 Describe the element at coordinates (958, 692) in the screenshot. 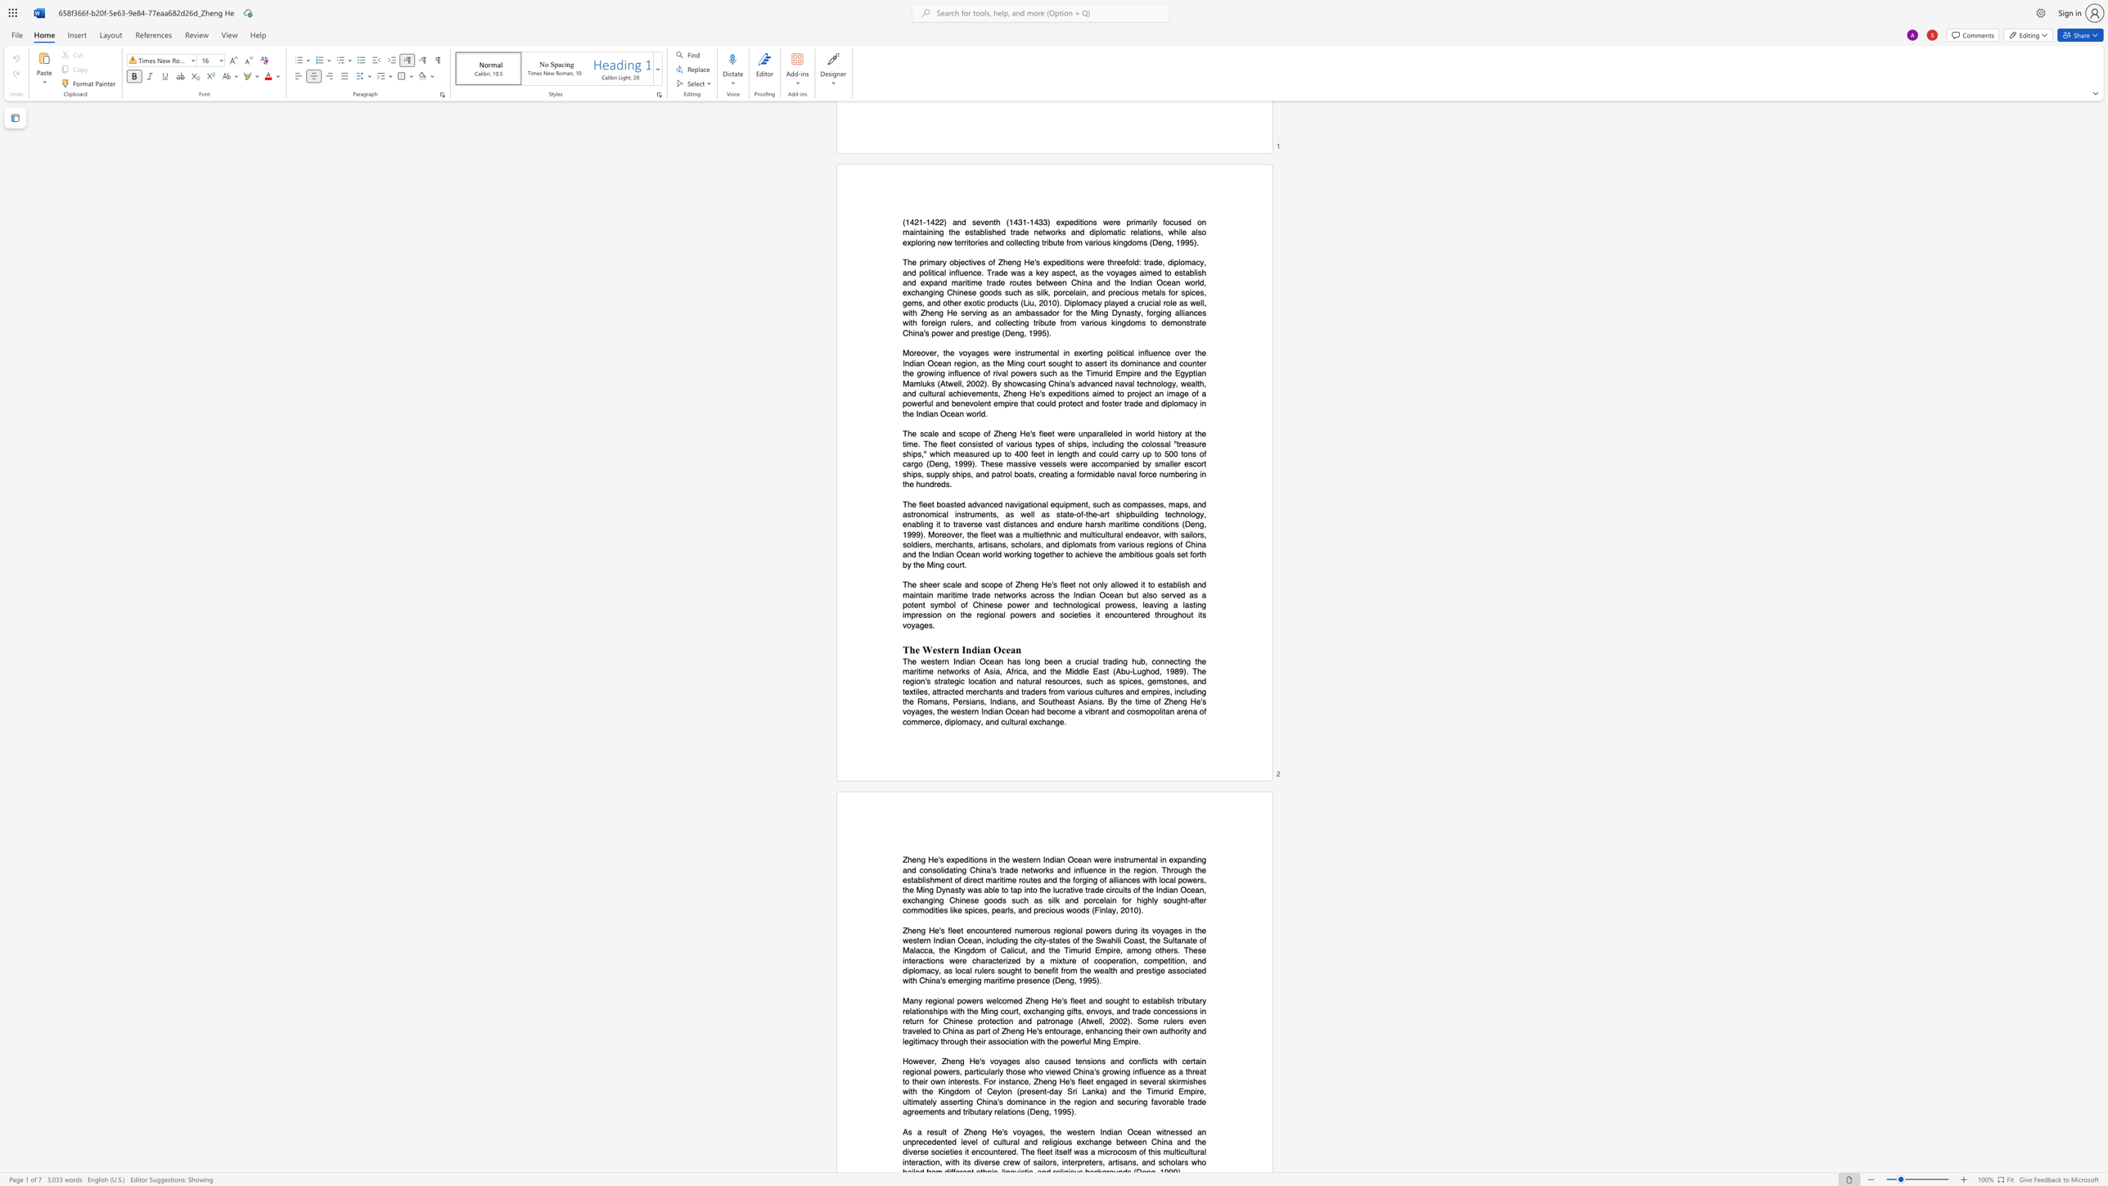

I see `the subset text "d merchants and traders from various cultures and empires, including the Romans, Persians, Indians, and Southeast" within the text "The western Indian Ocean has long been a crucial trading hub, connecting the maritime networks of Asia, Africa, and the Middle East (Abu-Lughod, 1989). The region"` at that location.